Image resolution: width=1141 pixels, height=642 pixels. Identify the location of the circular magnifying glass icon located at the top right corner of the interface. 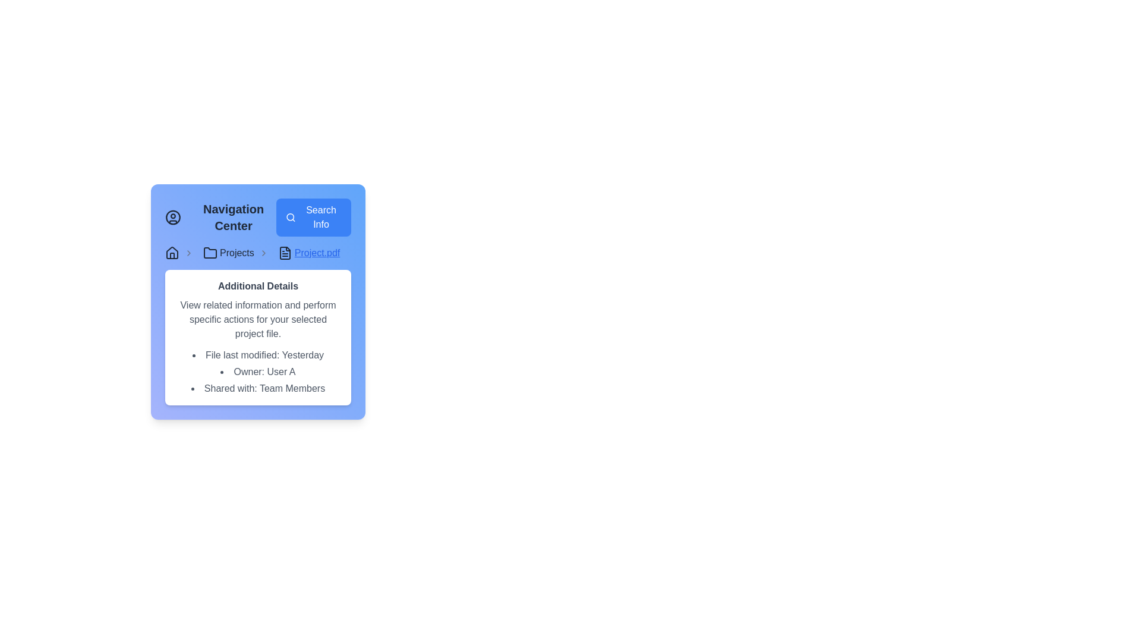
(290, 217).